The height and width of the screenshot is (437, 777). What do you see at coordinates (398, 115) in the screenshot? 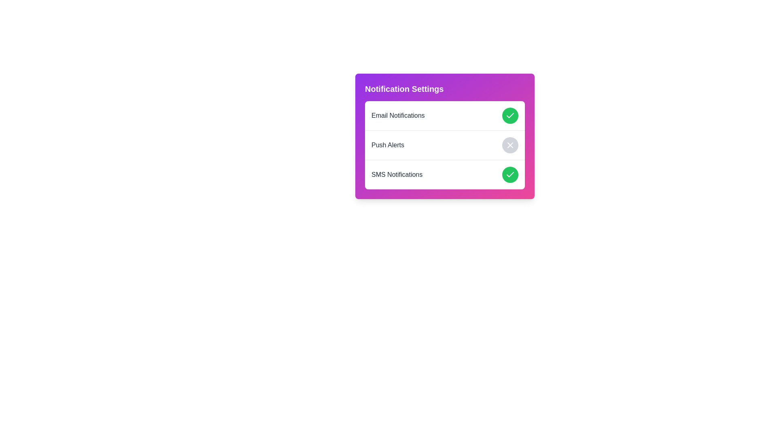
I see `the label text for the first notification setting located in the 'Notification Settings' section, positioned on the left side of the row next to the toggle button` at bounding box center [398, 115].